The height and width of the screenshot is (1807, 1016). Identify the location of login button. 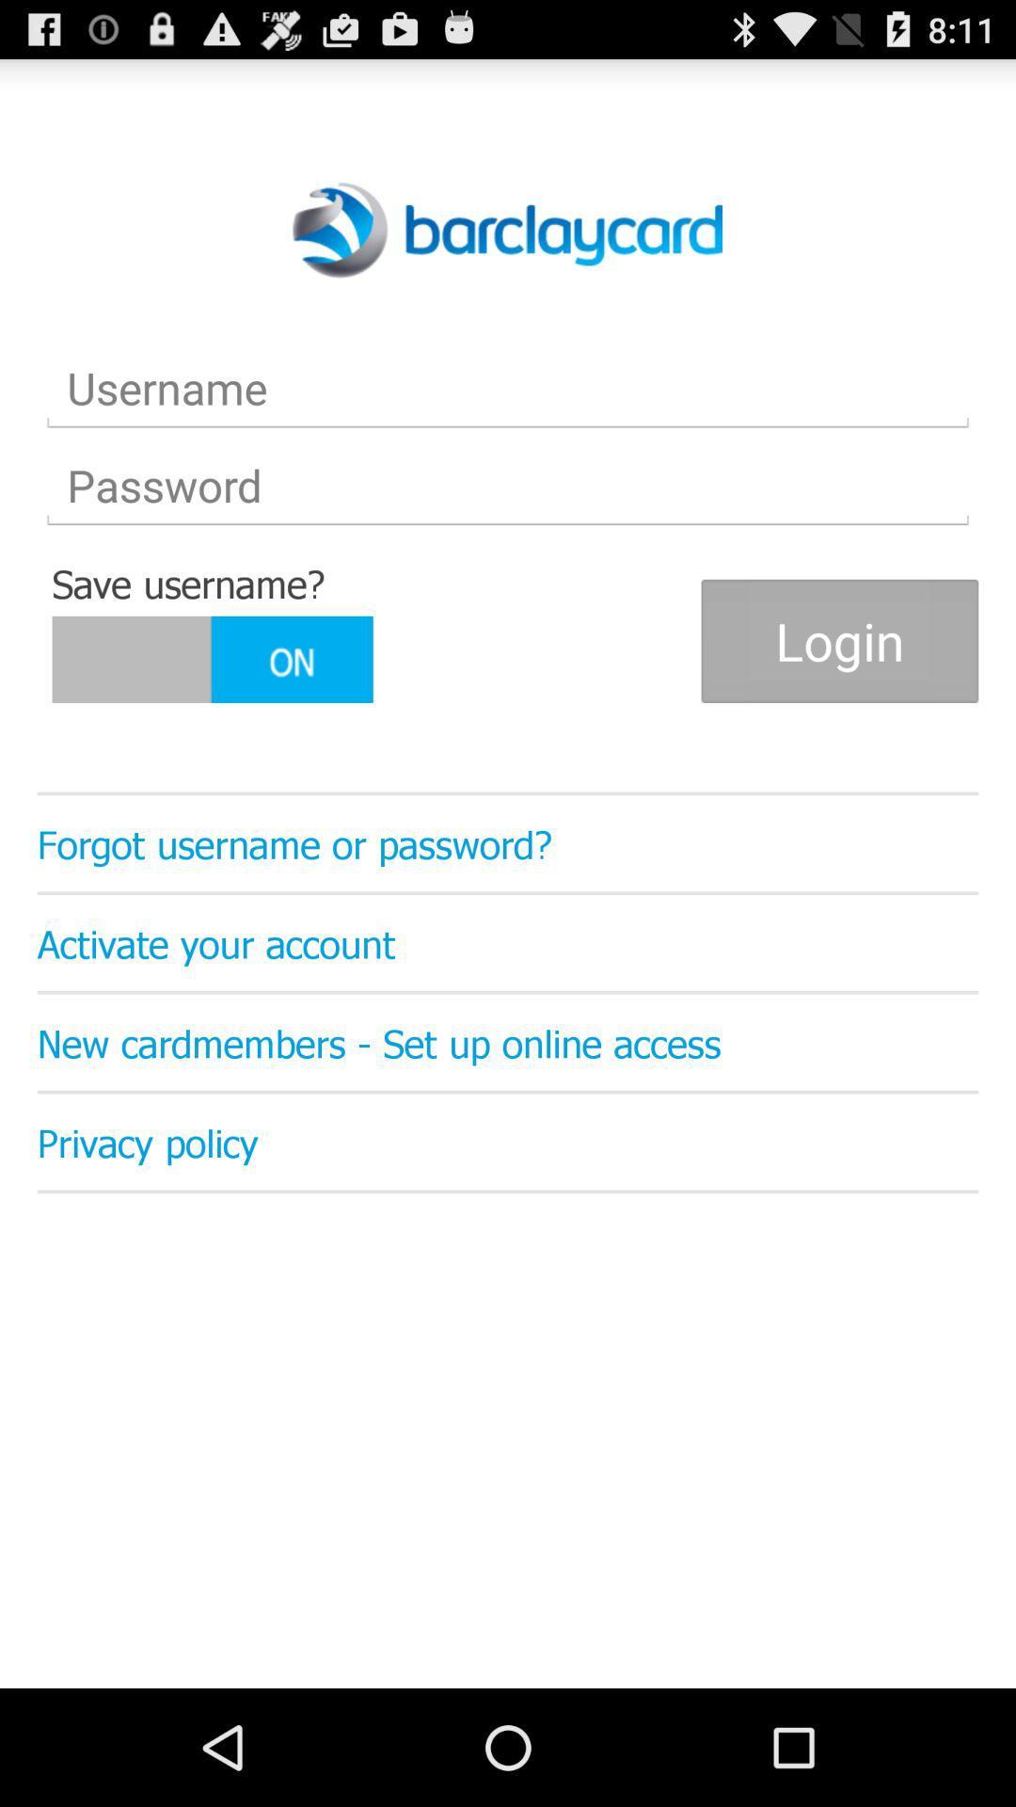
(838, 641).